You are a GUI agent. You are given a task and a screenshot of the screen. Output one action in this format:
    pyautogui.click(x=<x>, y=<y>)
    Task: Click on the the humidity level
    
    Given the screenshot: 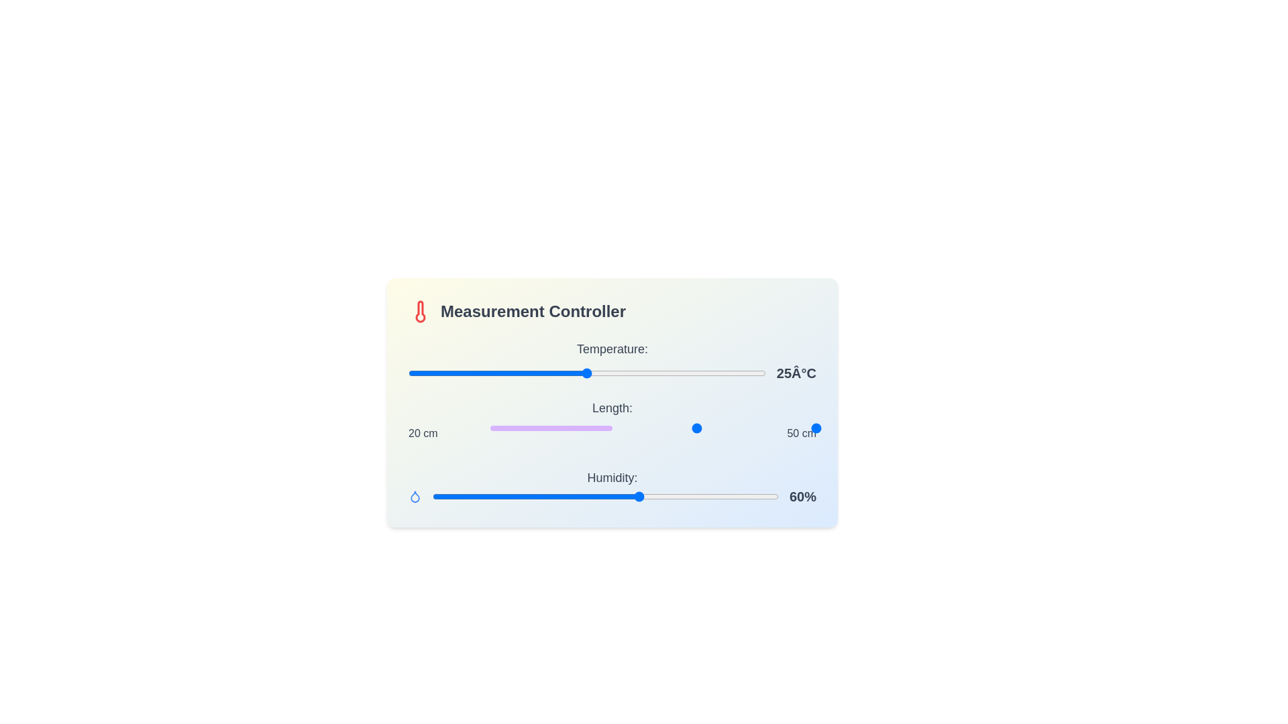 What is the action you would take?
    pyautogui.click(x=639, y=496)
    